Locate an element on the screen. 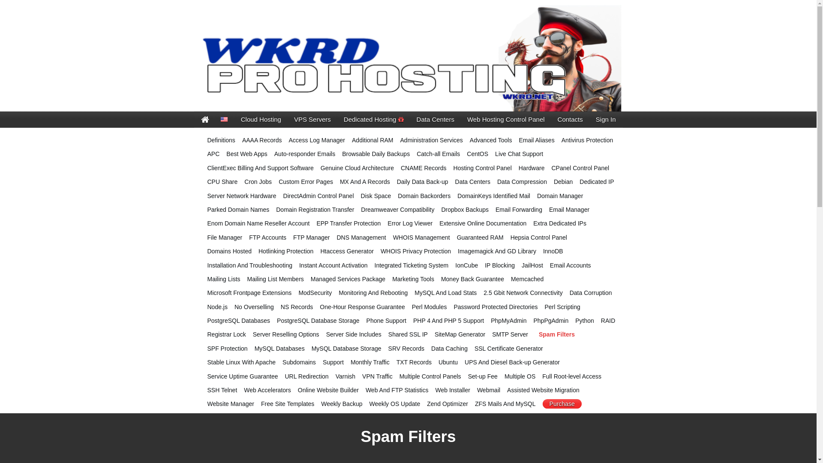  'Mailing Lists' is located at coordinates (224, 279).